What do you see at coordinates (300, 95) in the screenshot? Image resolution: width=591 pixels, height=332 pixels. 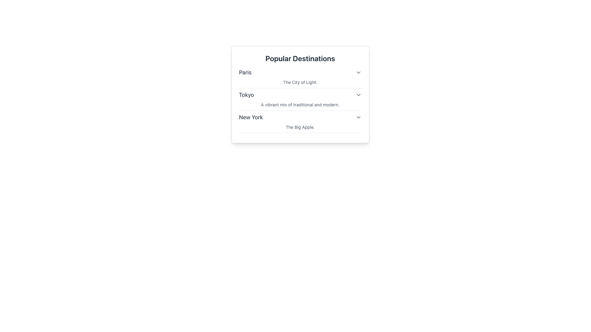 I see `the Dropdown trigger for the destination 'Tokyo'` at bounding box center [300, 95].